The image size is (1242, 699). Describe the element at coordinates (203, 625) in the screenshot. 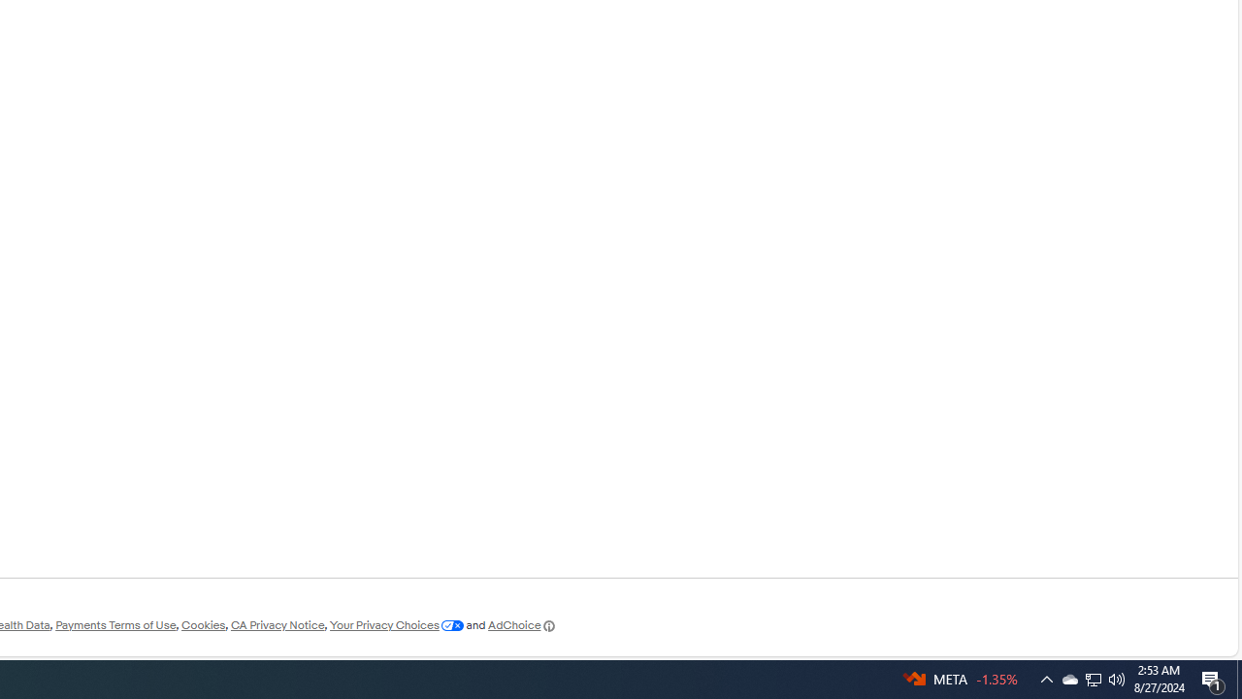

I see `'Cookies'` at that location.